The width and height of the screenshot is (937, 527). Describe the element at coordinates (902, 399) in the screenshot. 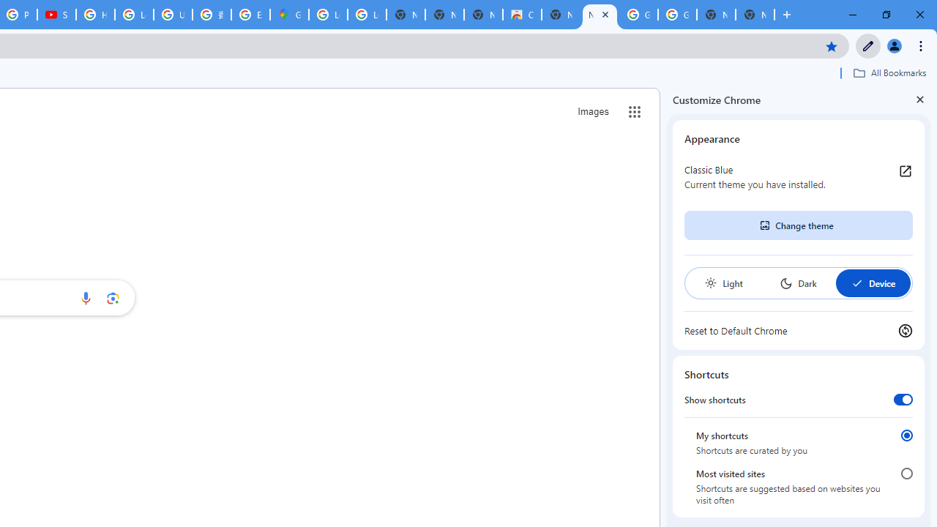

I see `'Show shortcuts'` at that location.